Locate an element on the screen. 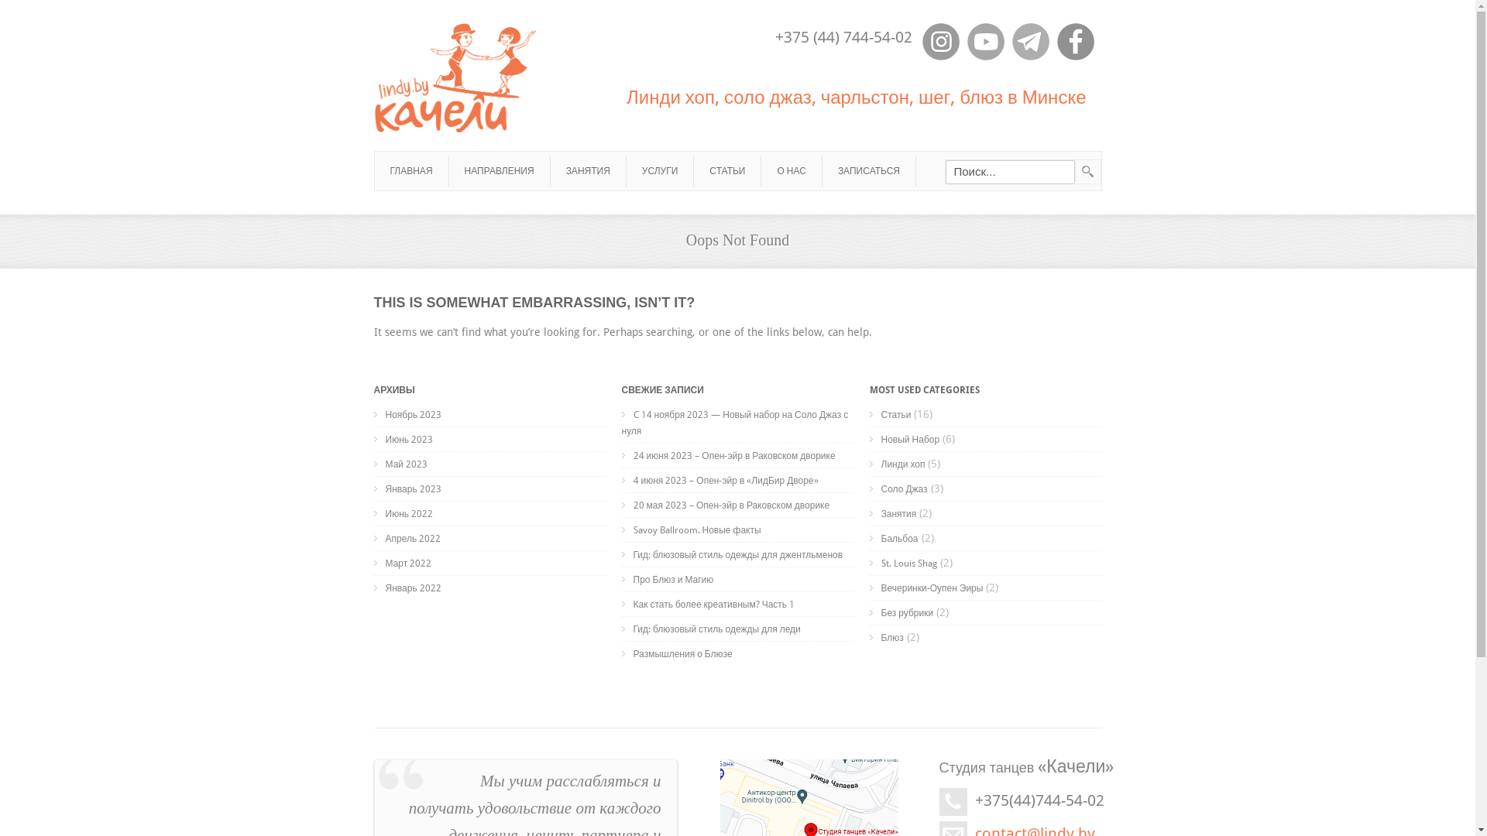 This screenshot has height=836, width=1487. 'youtube' is located at coordinates (984, 41).